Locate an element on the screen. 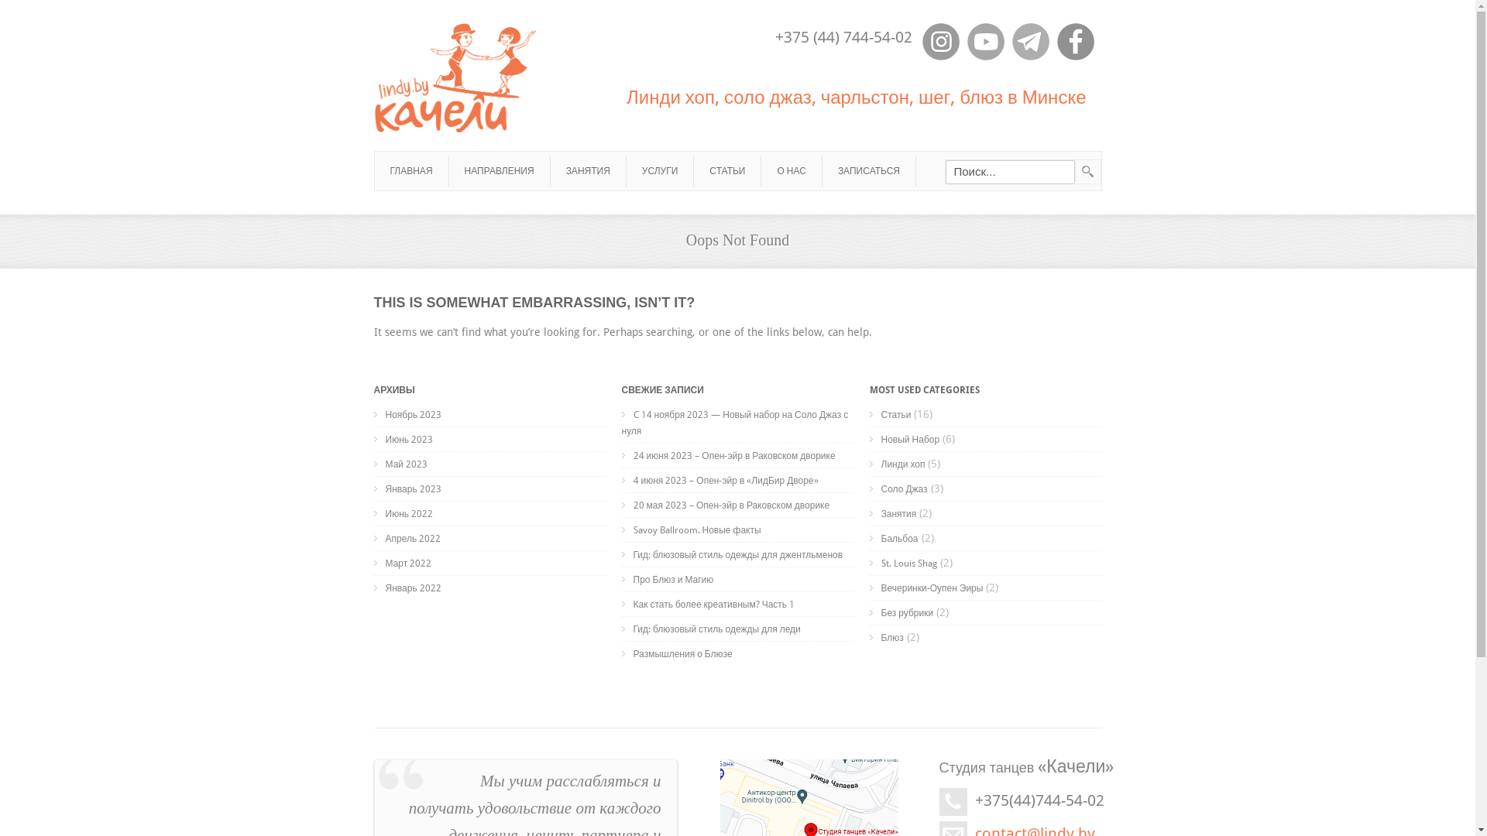 This screenshot has height=836, width=1487. 'youtube' is located at coordinates (984, 41).